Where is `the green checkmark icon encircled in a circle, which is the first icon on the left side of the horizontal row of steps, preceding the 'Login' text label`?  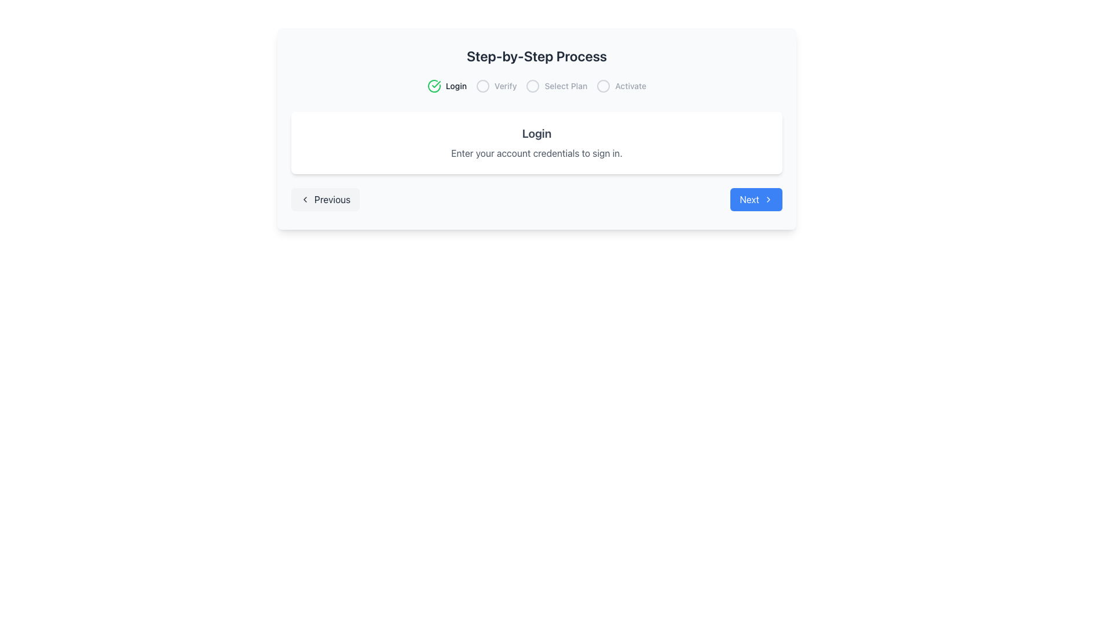
the green checkmark icon encircled in a circle, which is the first icon on the left side of the horizontal row of steps, preceding the 'Login' text label is located at coordinates (433, 86).